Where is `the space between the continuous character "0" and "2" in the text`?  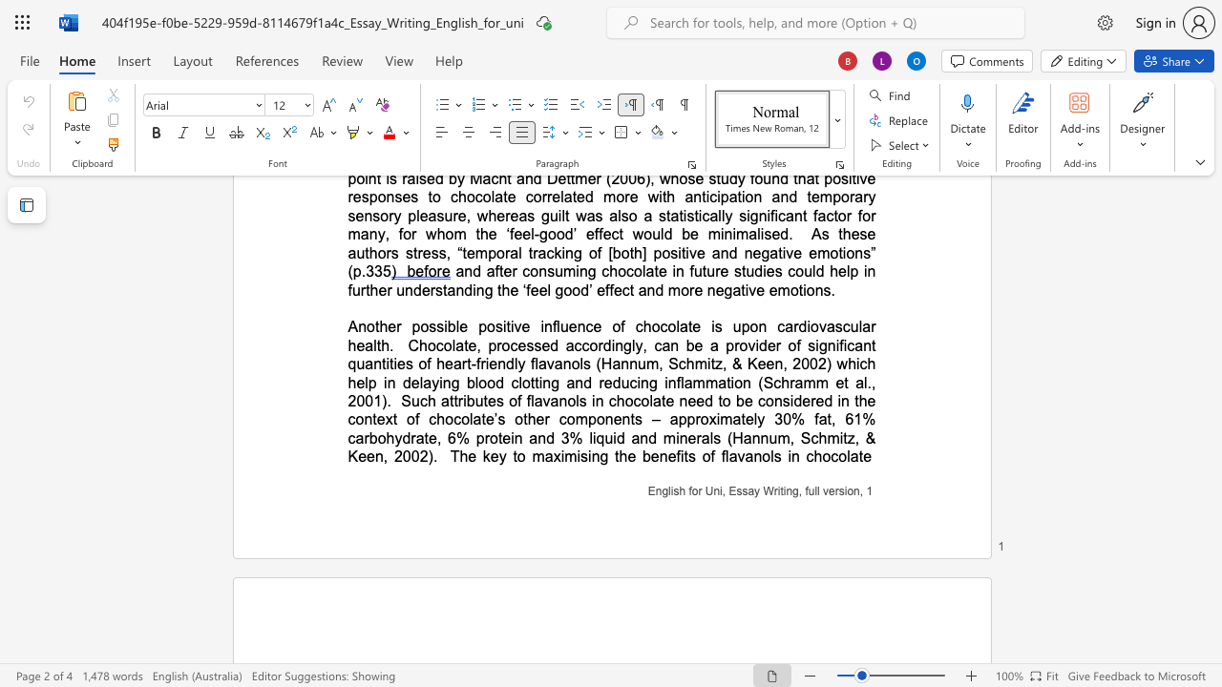
the space between the continuous character "0" and "2" in the text is located at coordinates (418, 456).